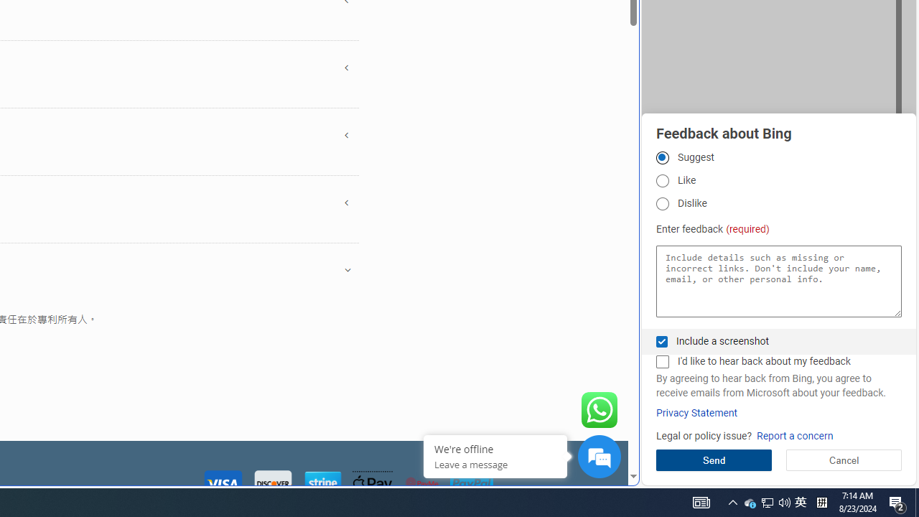 This screenshot has height=517, width=919. Describe the element at coordinates (696, 413) in the screenshot. I see `'Privacy Statement'` at that location.